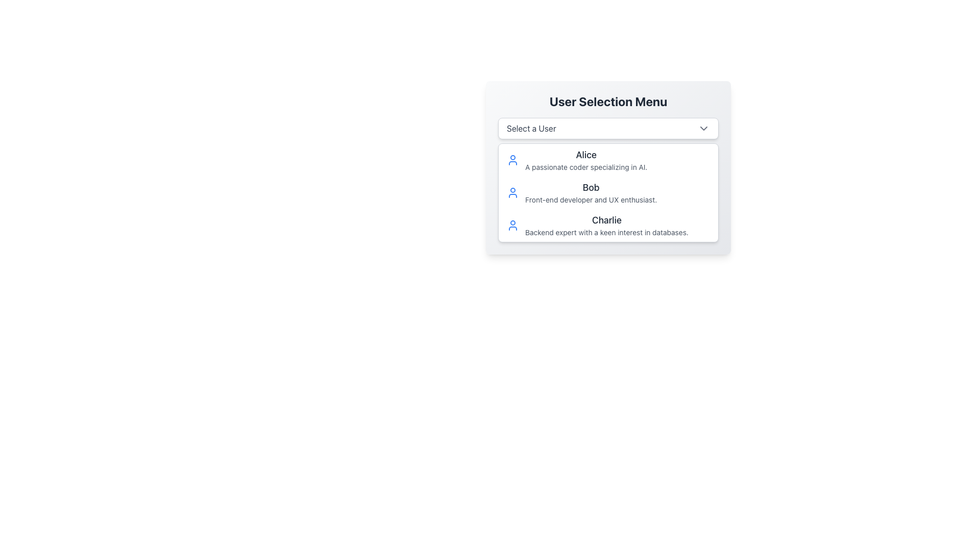 The height and width of the screenshot is (551, 980). I want to click on the first user profile list item displaying the name 'Alice' and description 'A passionate coder specializing in AI.', so click(586, 160).